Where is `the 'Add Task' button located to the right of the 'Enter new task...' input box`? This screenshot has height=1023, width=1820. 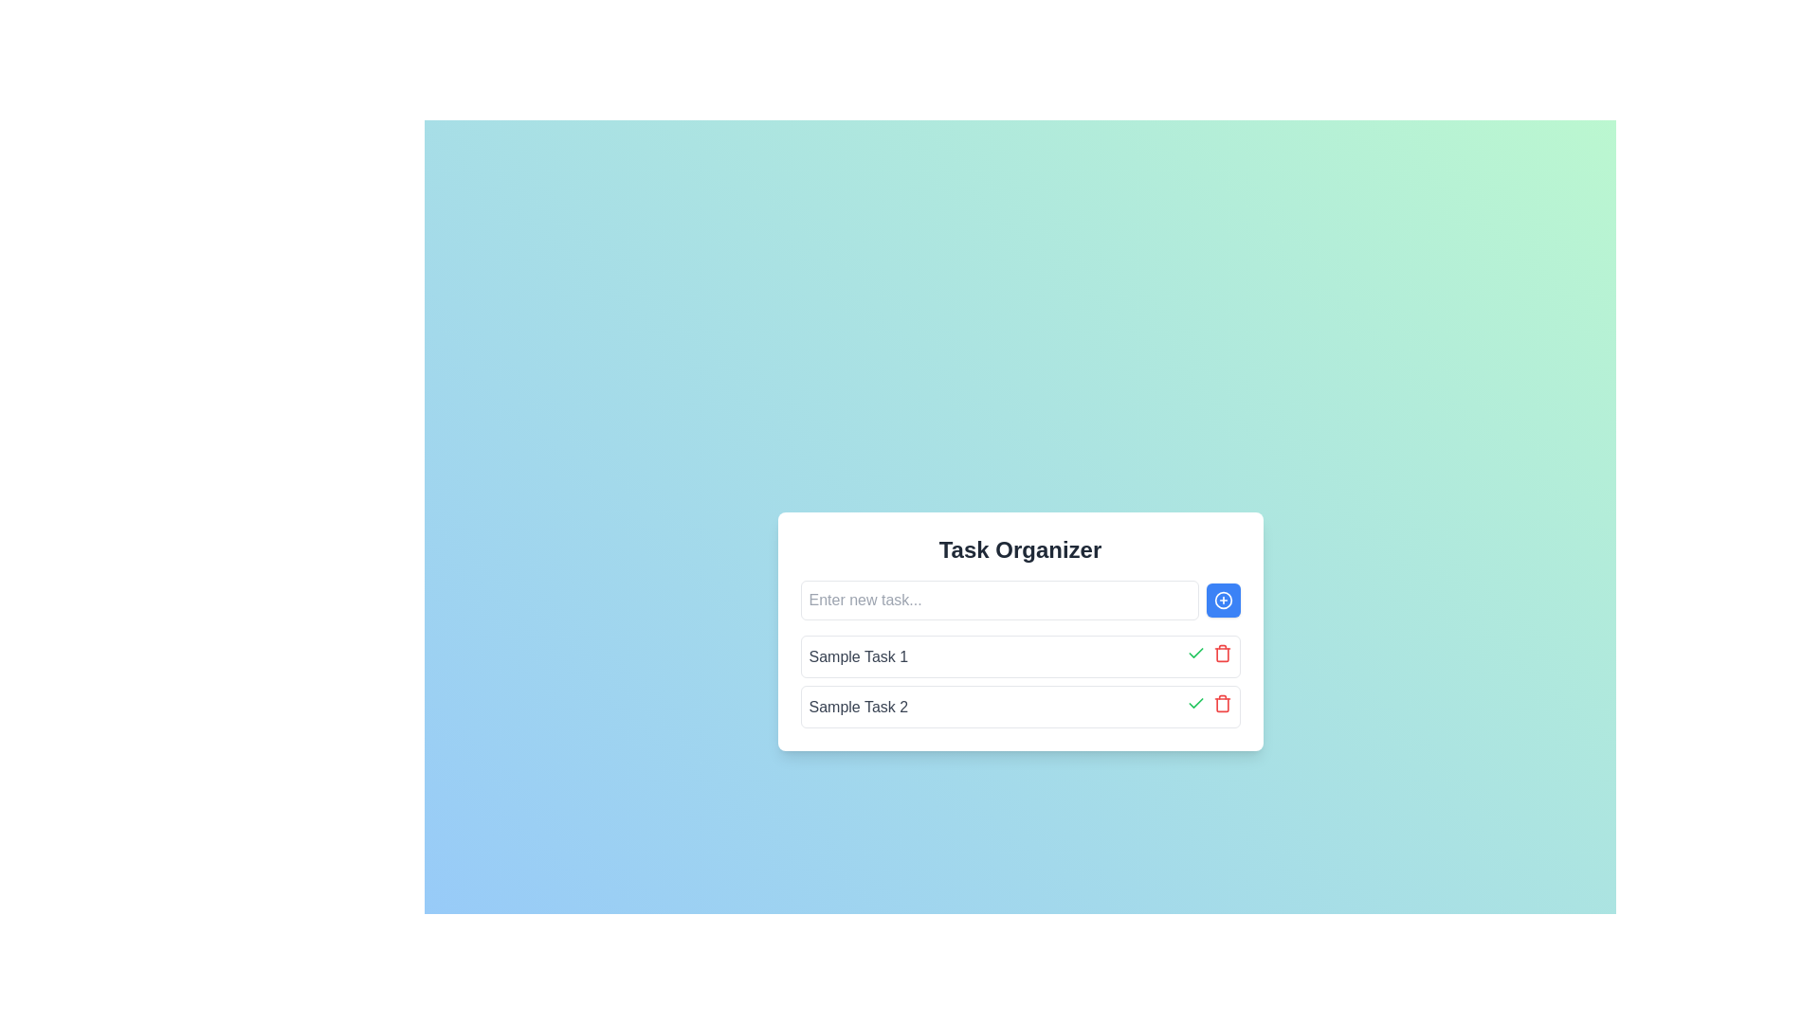 the 'Add Task' button located to the right of the 'Enter new task...' input box is located at coordinates (1223, 600).